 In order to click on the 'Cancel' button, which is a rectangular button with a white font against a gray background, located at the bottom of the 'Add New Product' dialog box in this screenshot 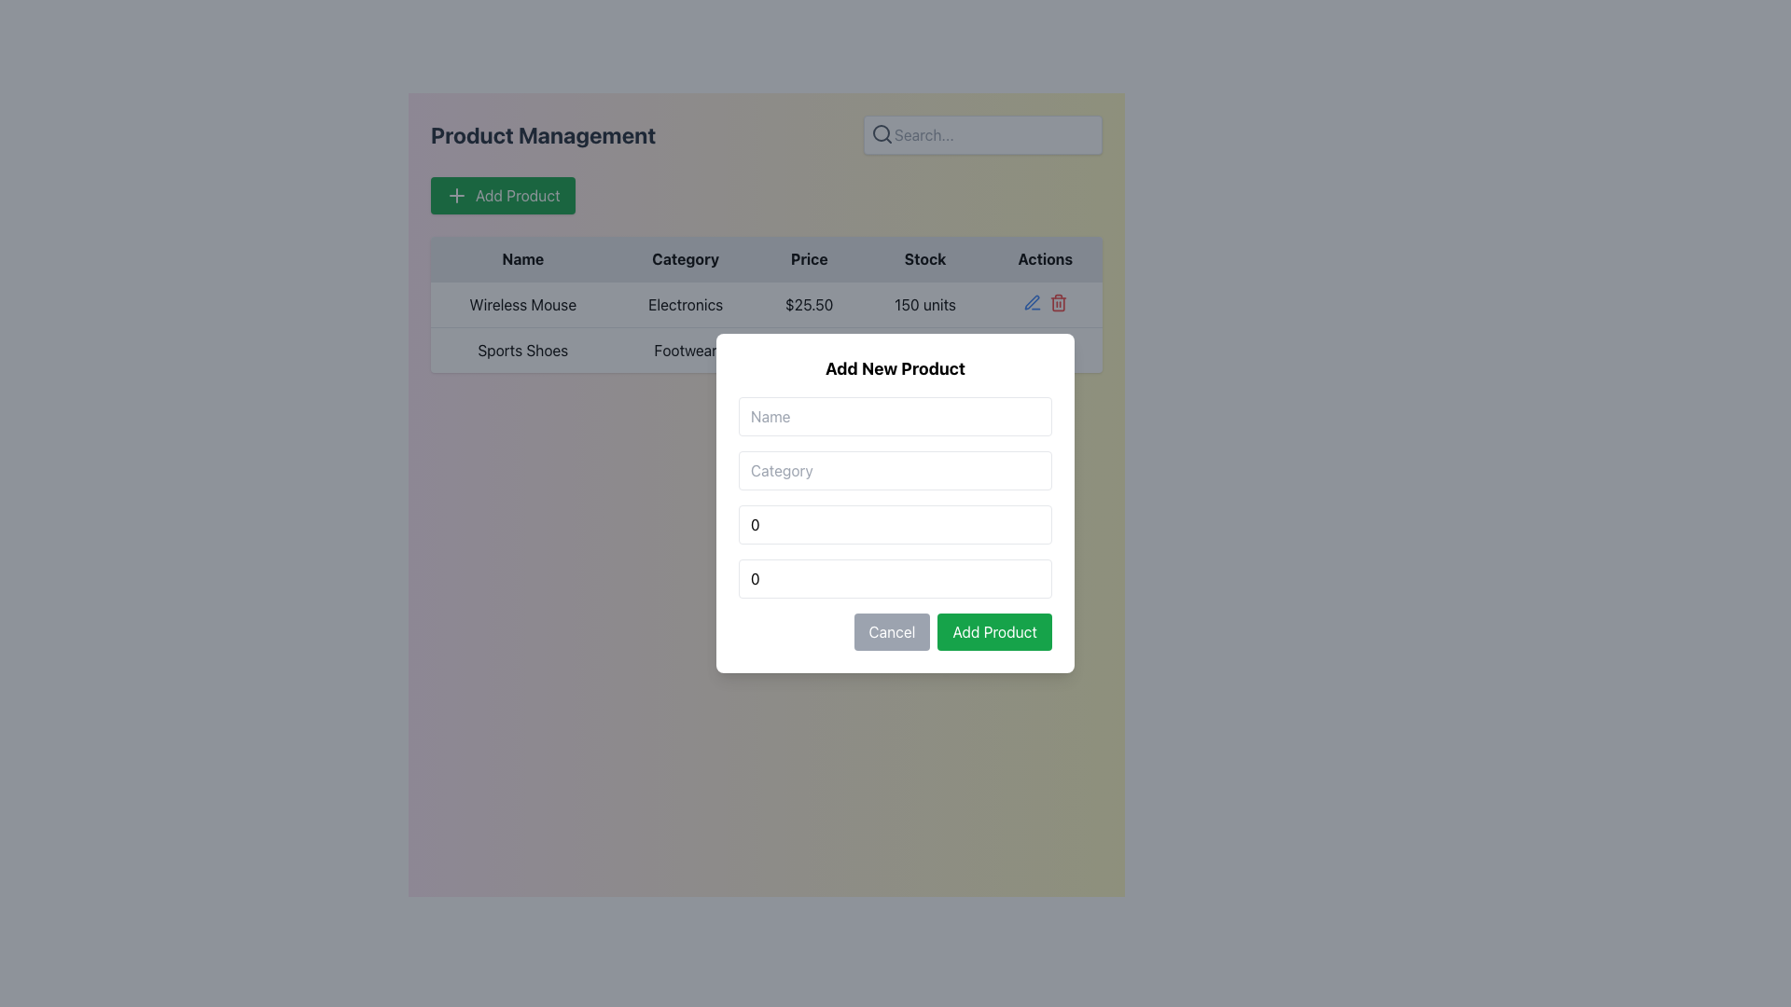, I will do `click(891, 631)`.